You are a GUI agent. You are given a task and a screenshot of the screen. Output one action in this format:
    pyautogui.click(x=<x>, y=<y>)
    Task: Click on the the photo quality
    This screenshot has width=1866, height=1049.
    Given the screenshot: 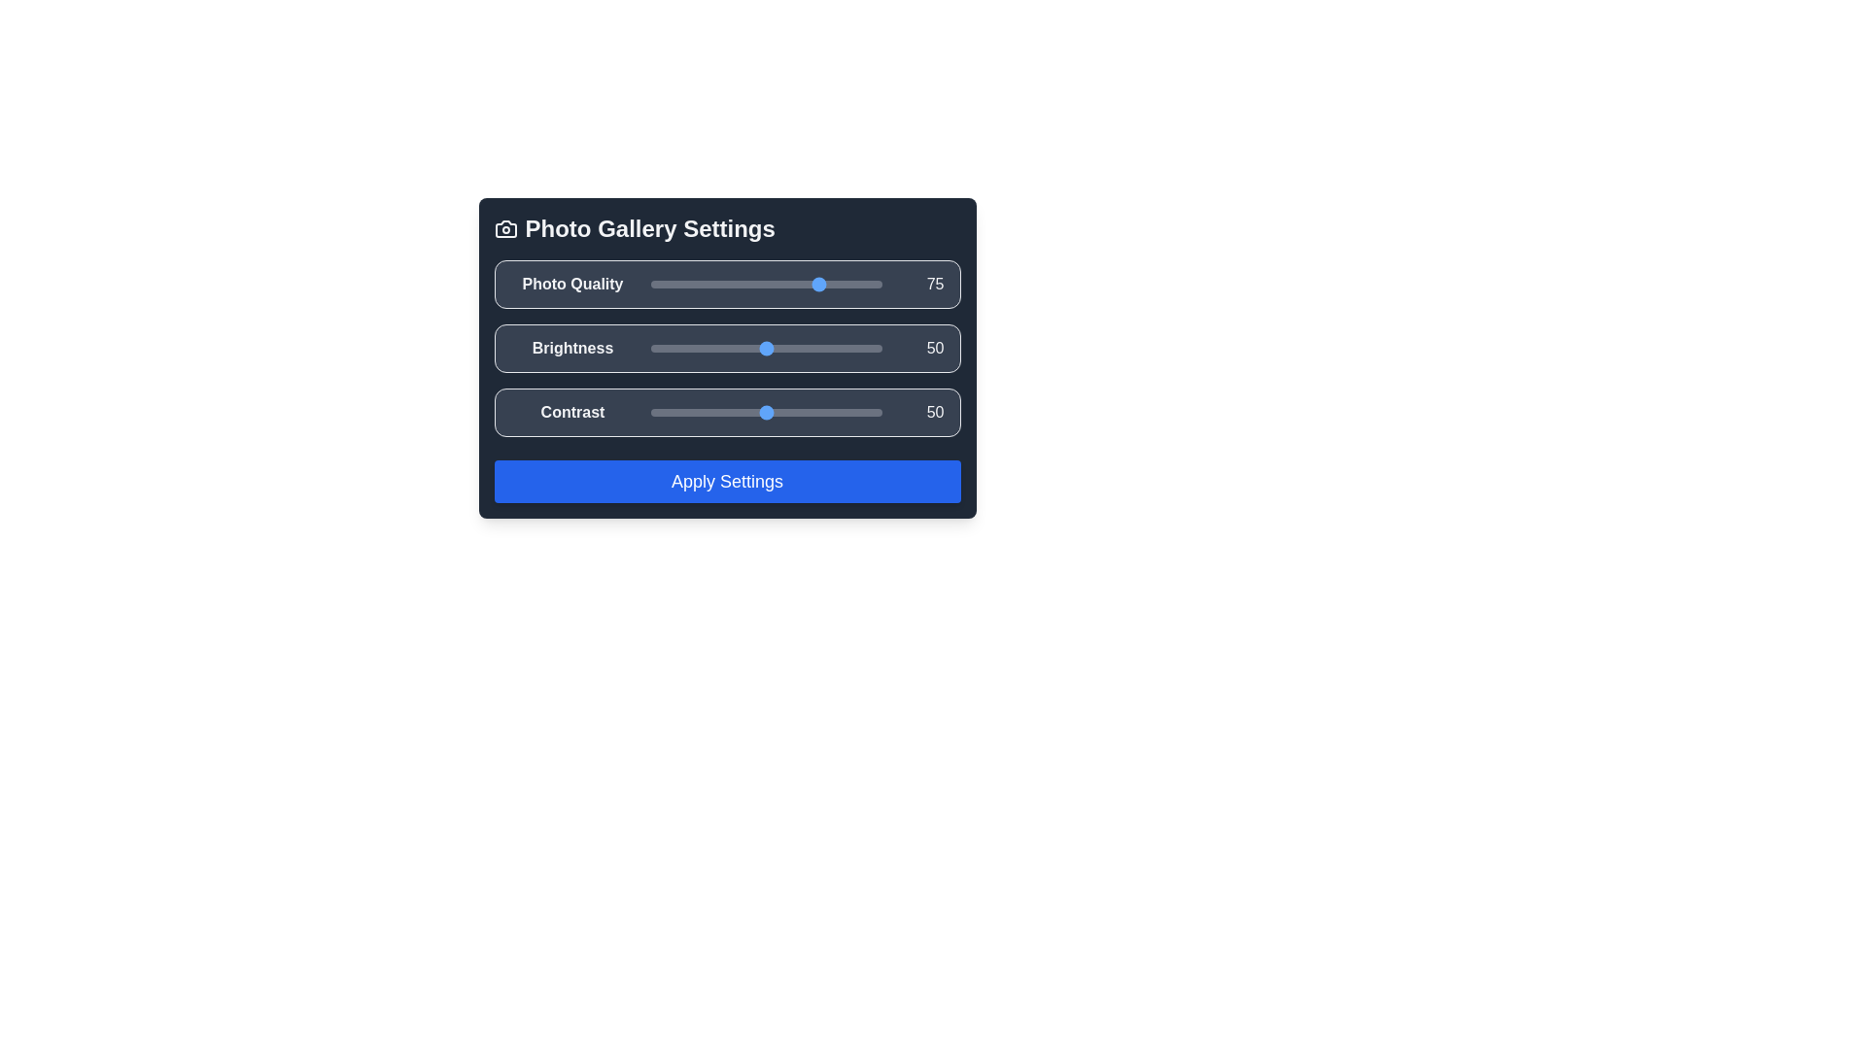 What is the action you would take?
    pyautogui.click(x=764, y=285)
    